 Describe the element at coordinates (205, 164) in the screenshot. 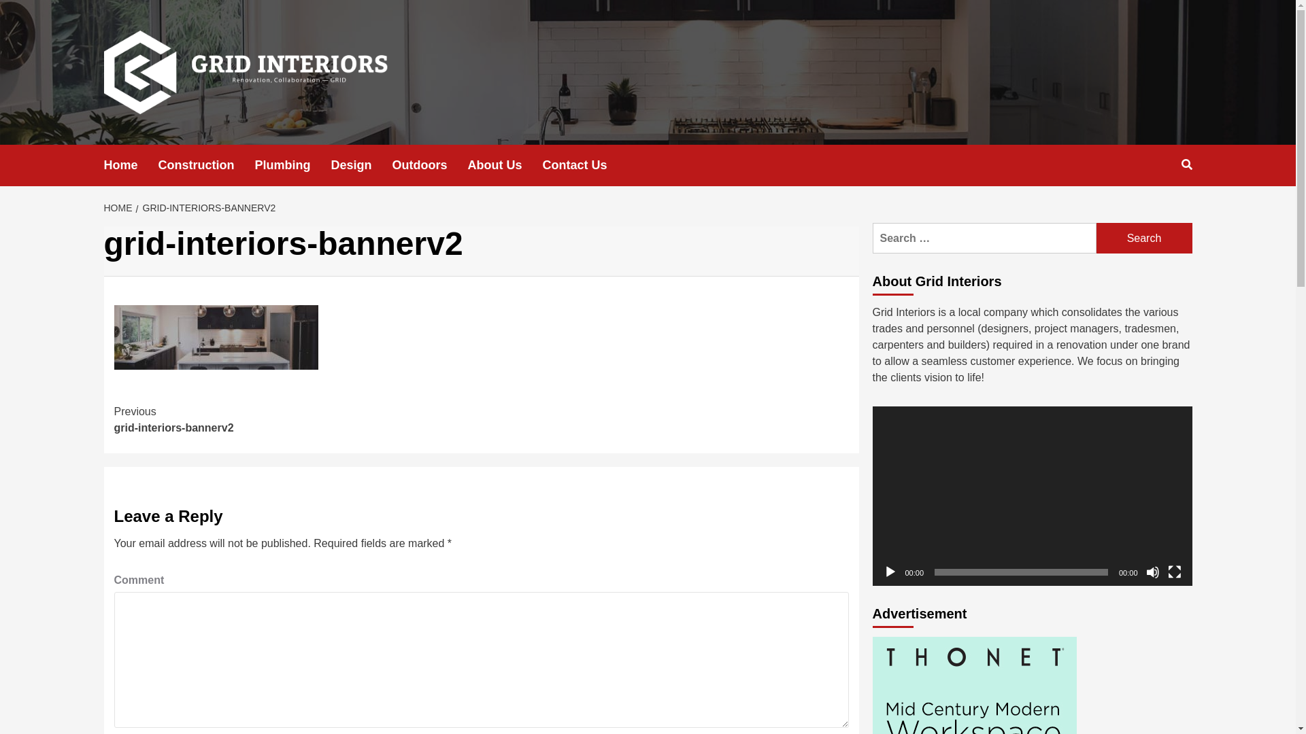

I see `'Construction'` at that location.